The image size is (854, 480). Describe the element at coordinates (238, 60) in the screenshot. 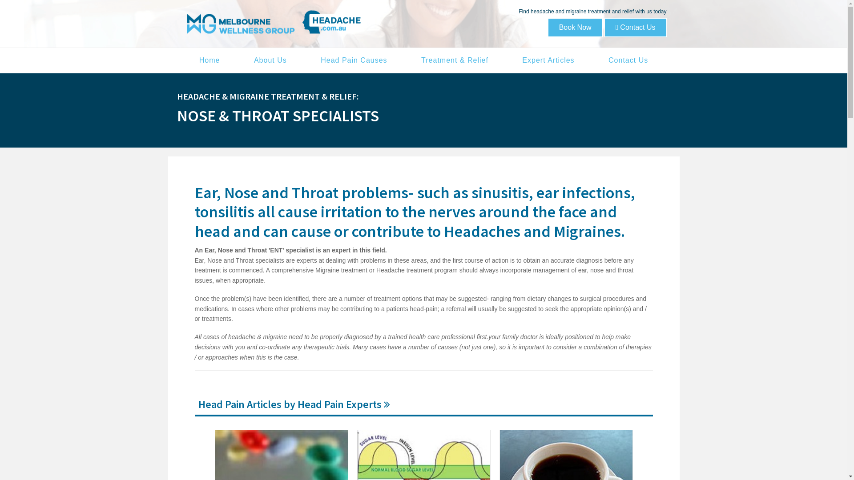

I see `'About Us'` at that location.